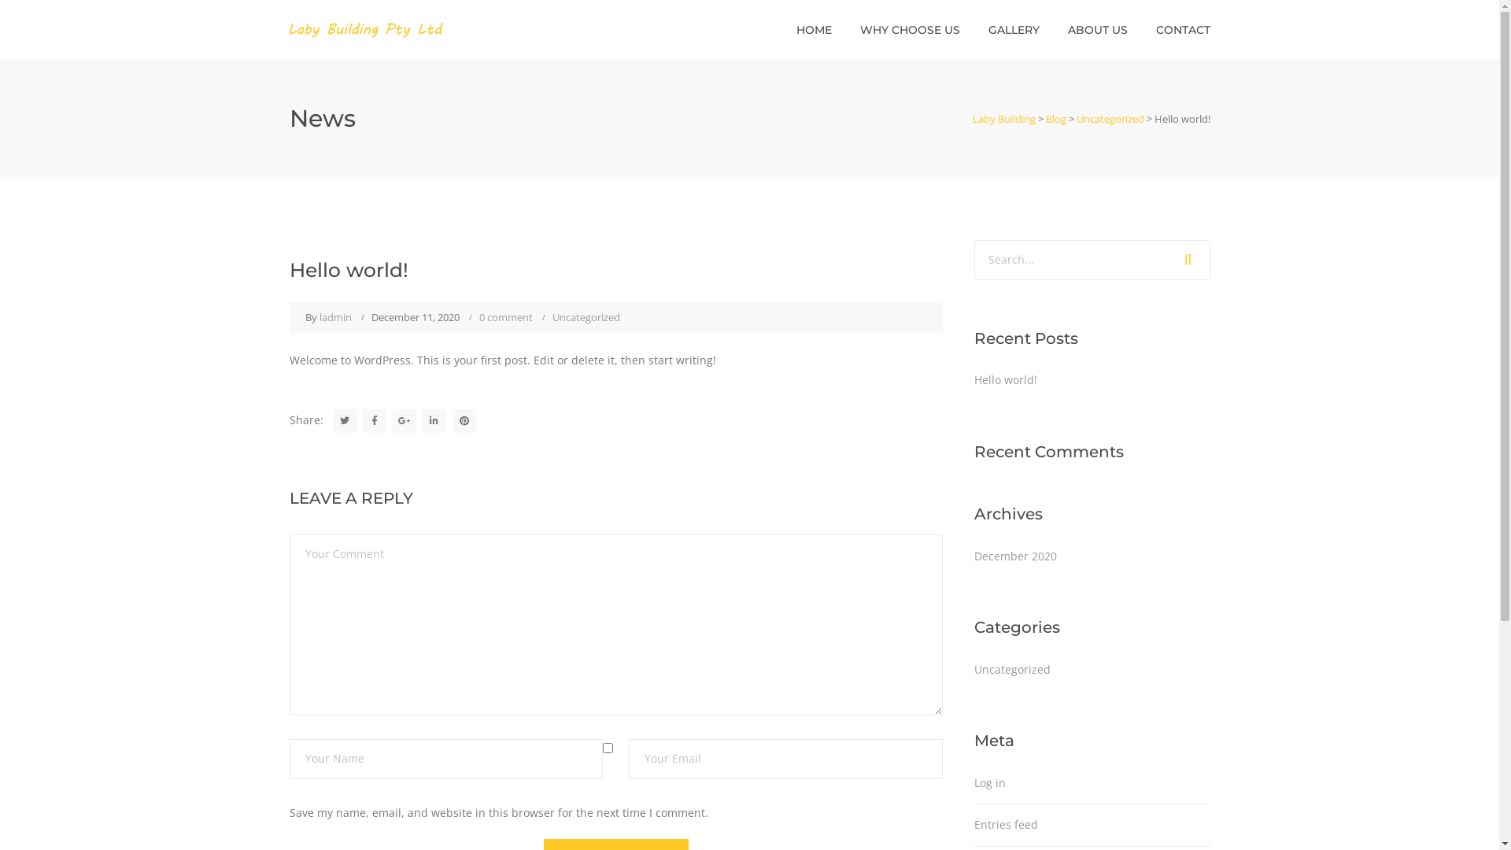 This screenshot has width=1511, height=850. Describe the element at coordinates (1182, 30) in the screenshot. I see `'CONTACT'` at that location.